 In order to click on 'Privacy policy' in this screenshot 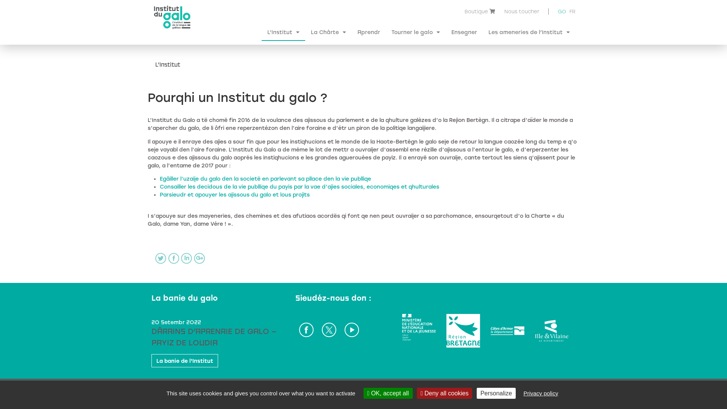, I will do `click(540, 393)`.